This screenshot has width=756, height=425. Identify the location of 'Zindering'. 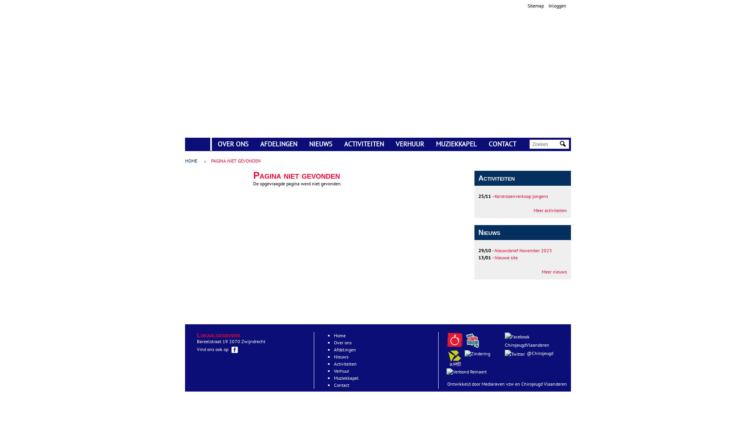
(477, 353).